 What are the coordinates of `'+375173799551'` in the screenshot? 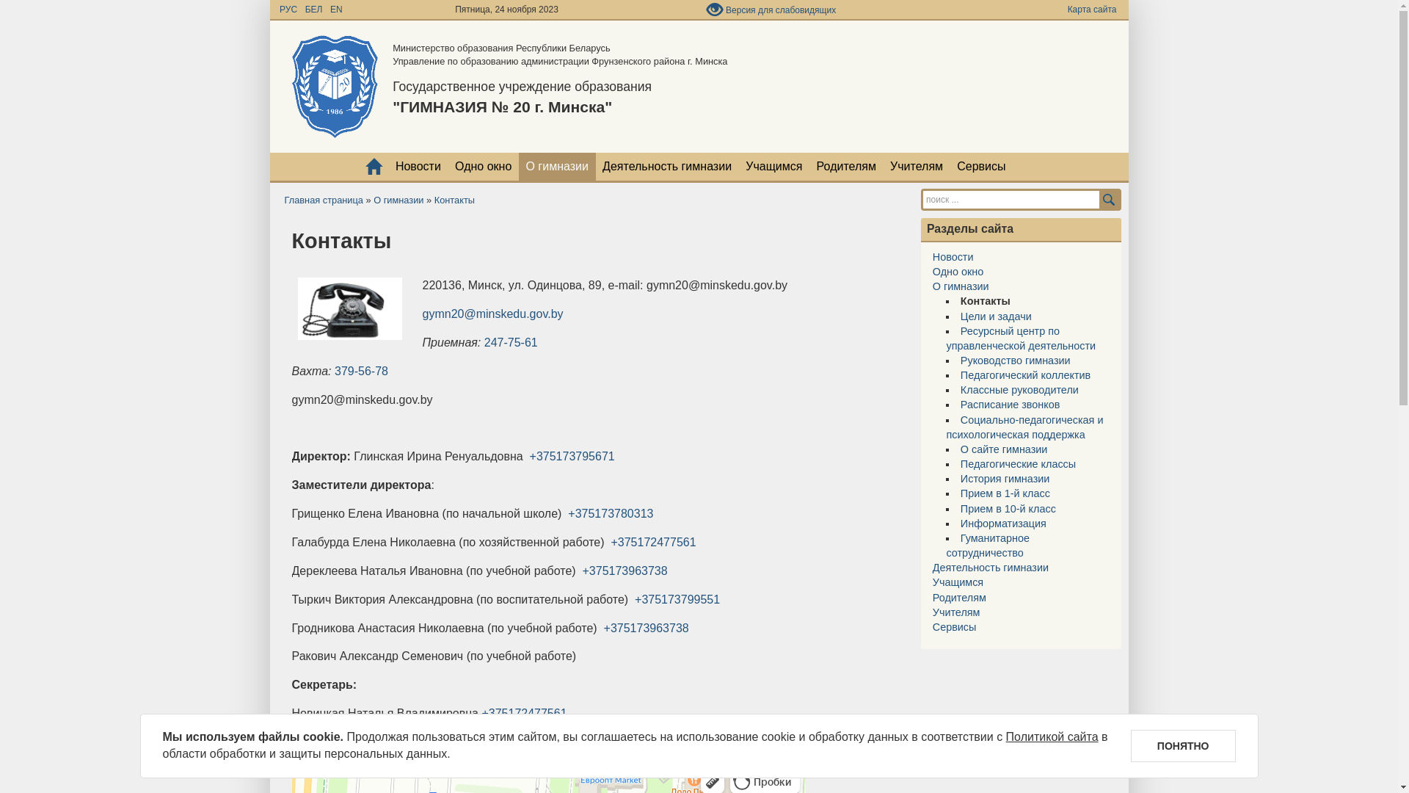 It's located at (676, 599).